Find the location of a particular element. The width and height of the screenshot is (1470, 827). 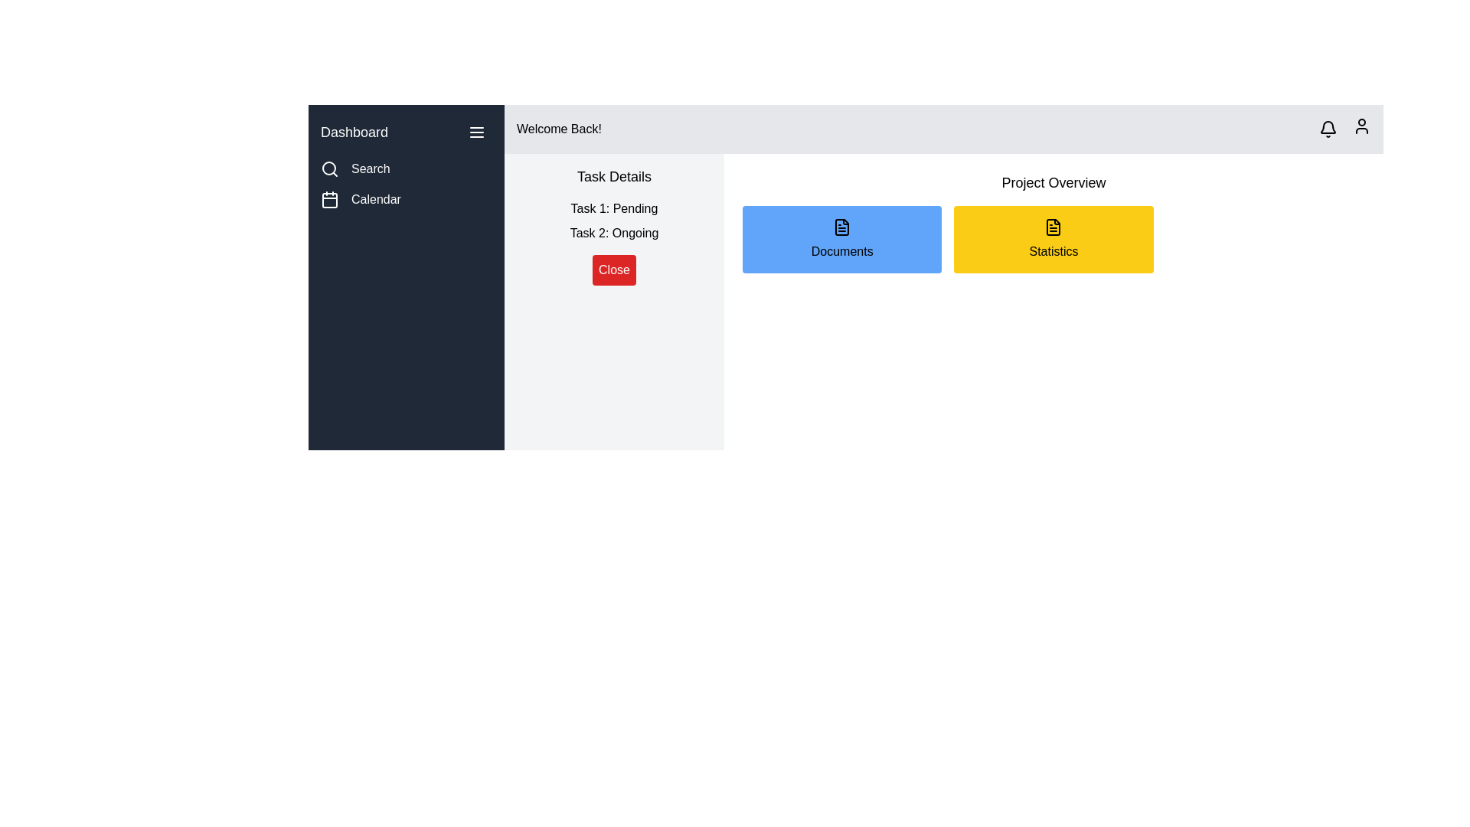

the notification button with an SVG icon located at the top-right corner of the user interface is located at coordinates (1327, 129).